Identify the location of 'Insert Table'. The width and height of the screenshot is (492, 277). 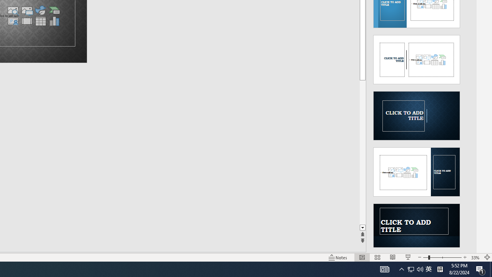
(40, 21).